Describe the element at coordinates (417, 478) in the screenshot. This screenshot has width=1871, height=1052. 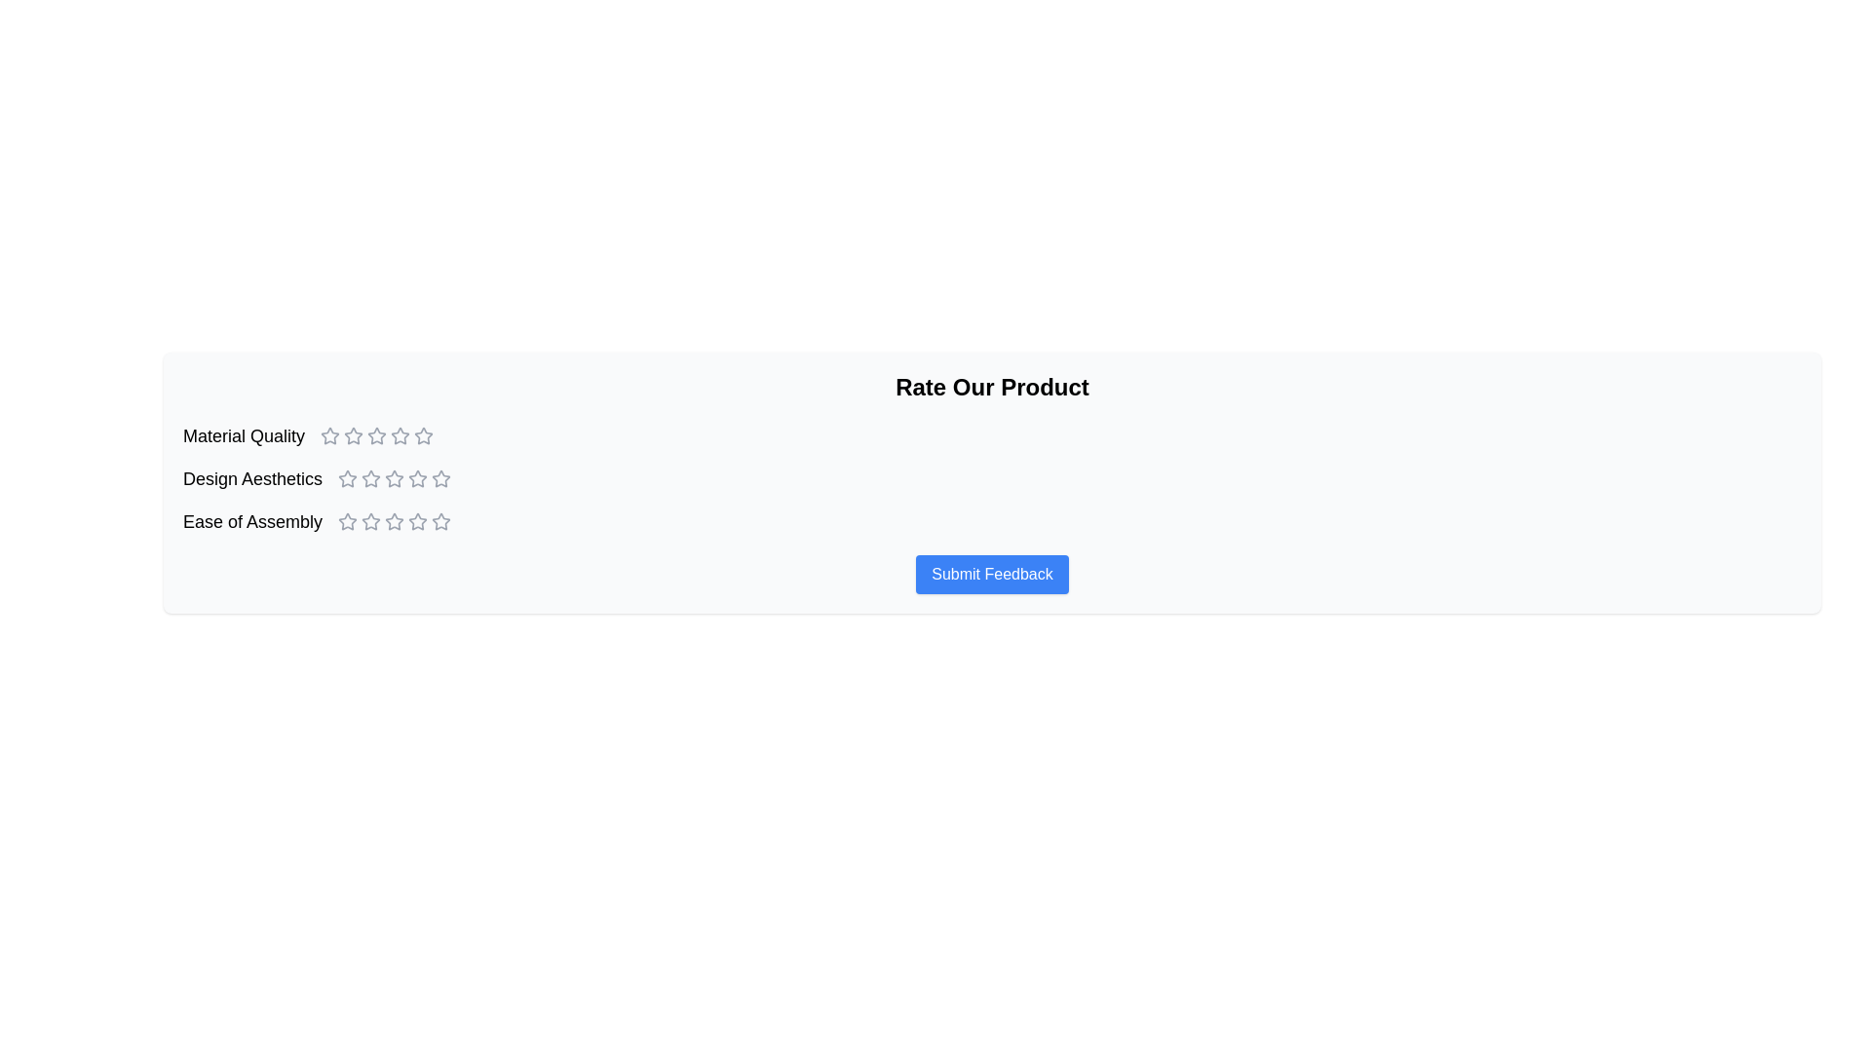
I see `the third star icon in the 5-star rating system under the 'Design Aesthetics' section to rate the product` at that location.